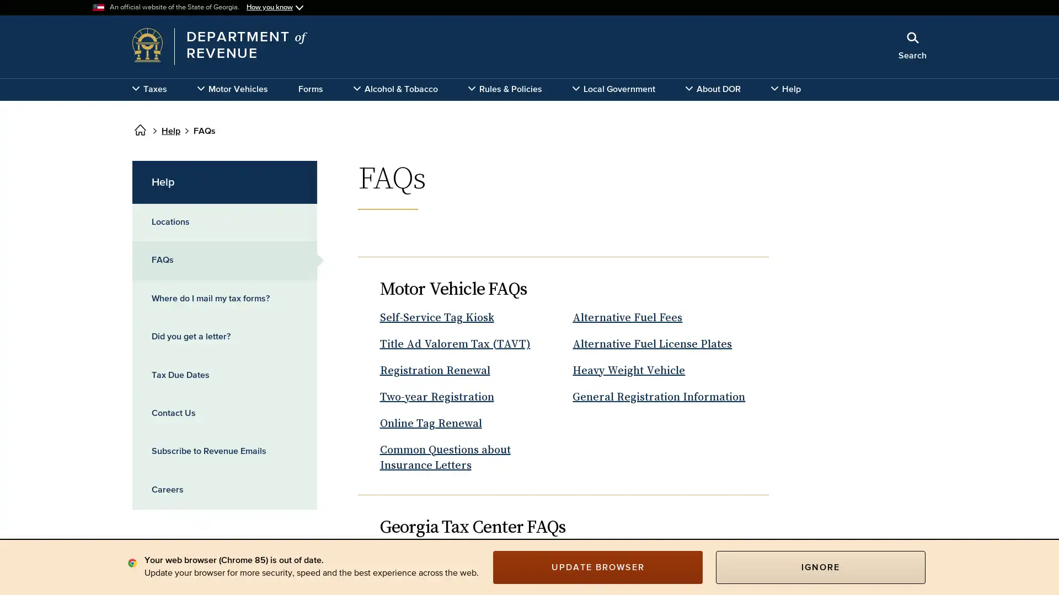 The height and width of the screenshot is (595, 1059). Describe the element at coordinates (237, 180) in the screenshot. I see `x` at that location.